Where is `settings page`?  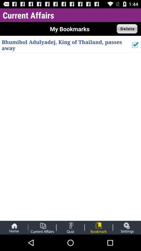
settings page is located at coordinates (127, 227).